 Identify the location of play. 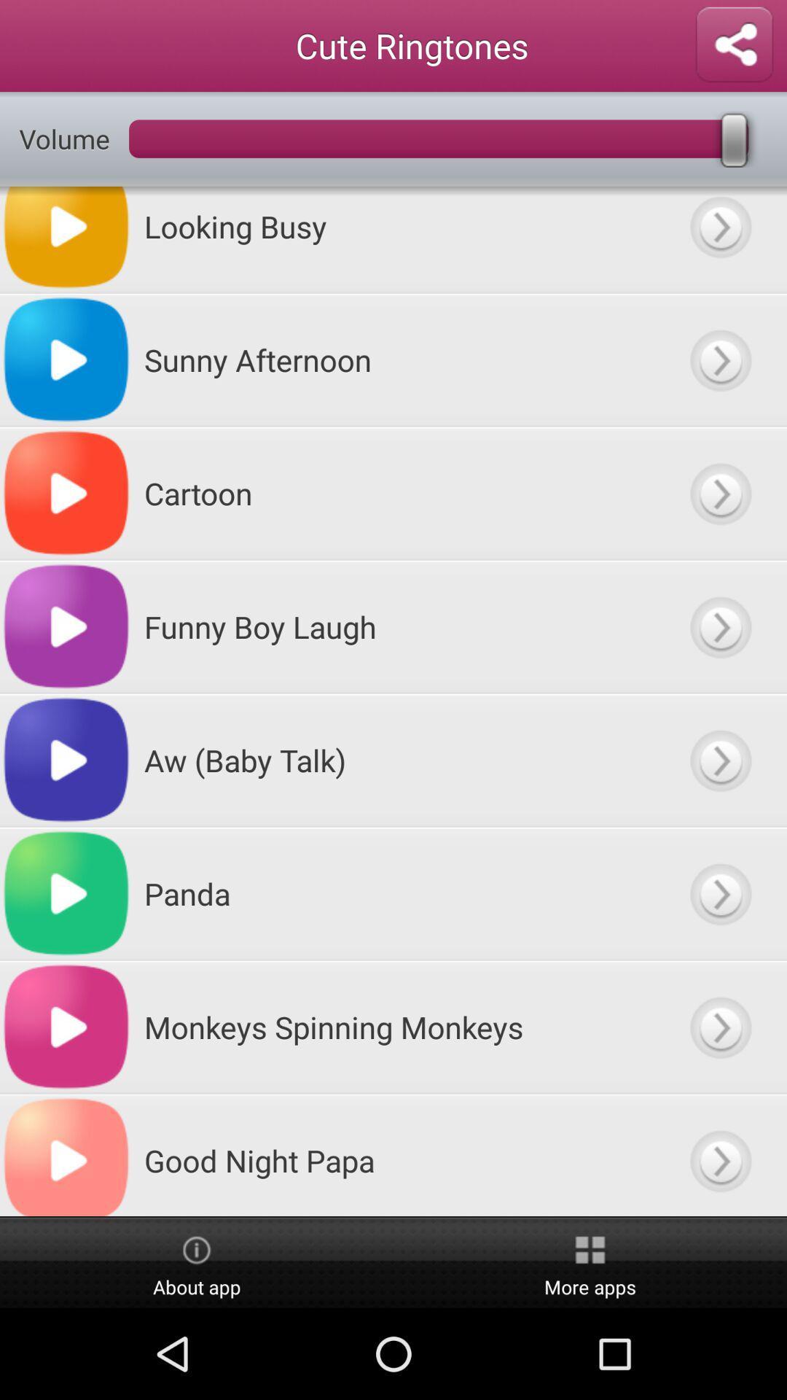
(719, 759).